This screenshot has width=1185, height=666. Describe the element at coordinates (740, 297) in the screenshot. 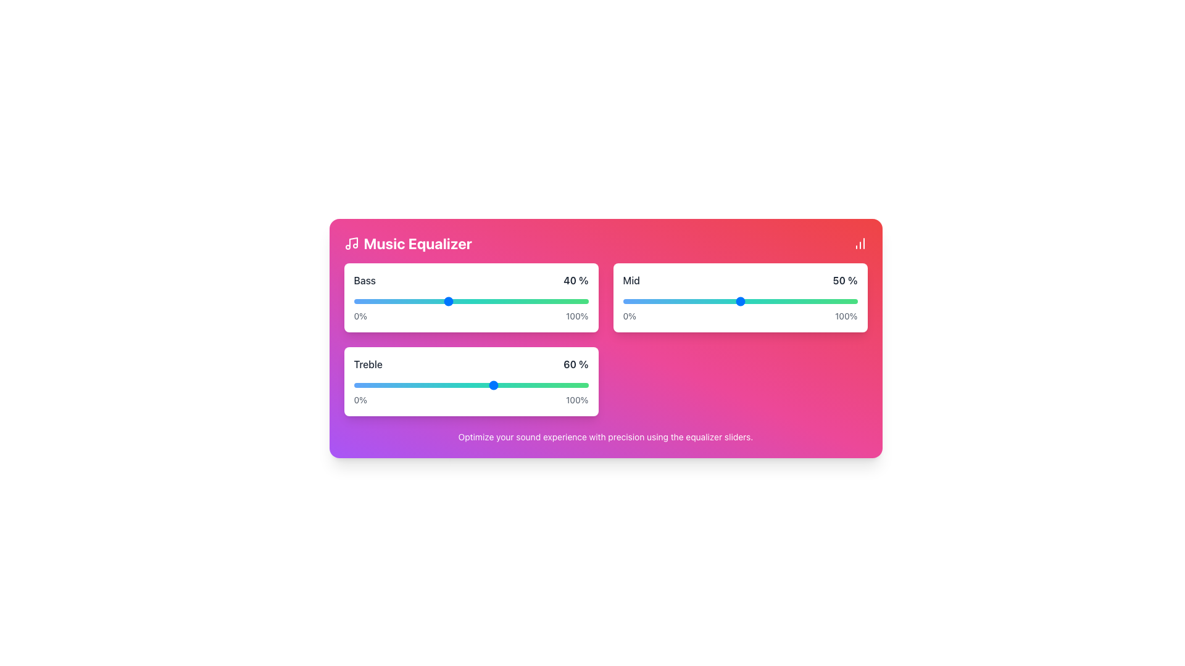

I see `the slider area that adjusts the 'Mid' parameter of the audio equalizer, currently set to '50%'` at that location.